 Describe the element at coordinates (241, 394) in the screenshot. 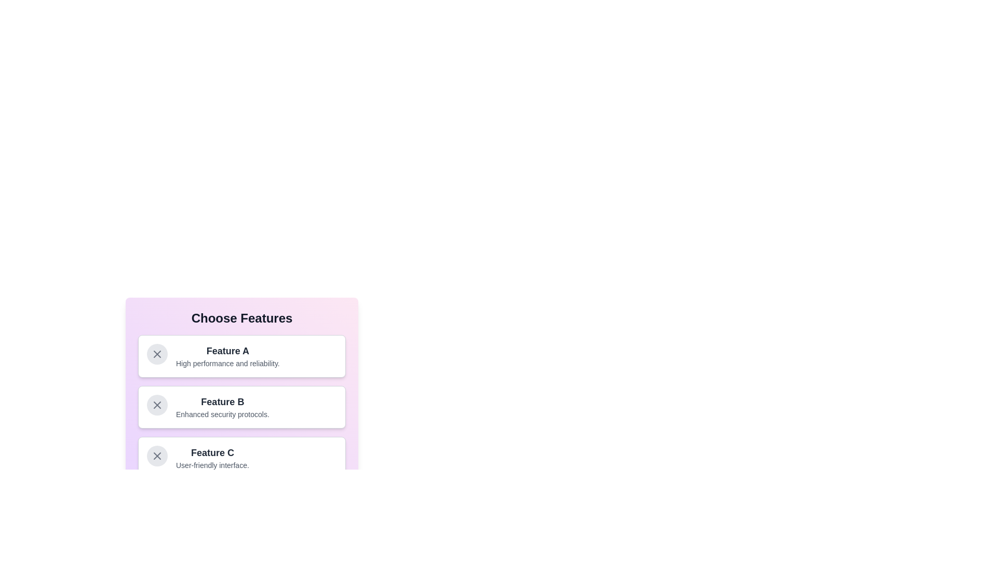

I see `the informational card labeled 'Feature B'` at that location.